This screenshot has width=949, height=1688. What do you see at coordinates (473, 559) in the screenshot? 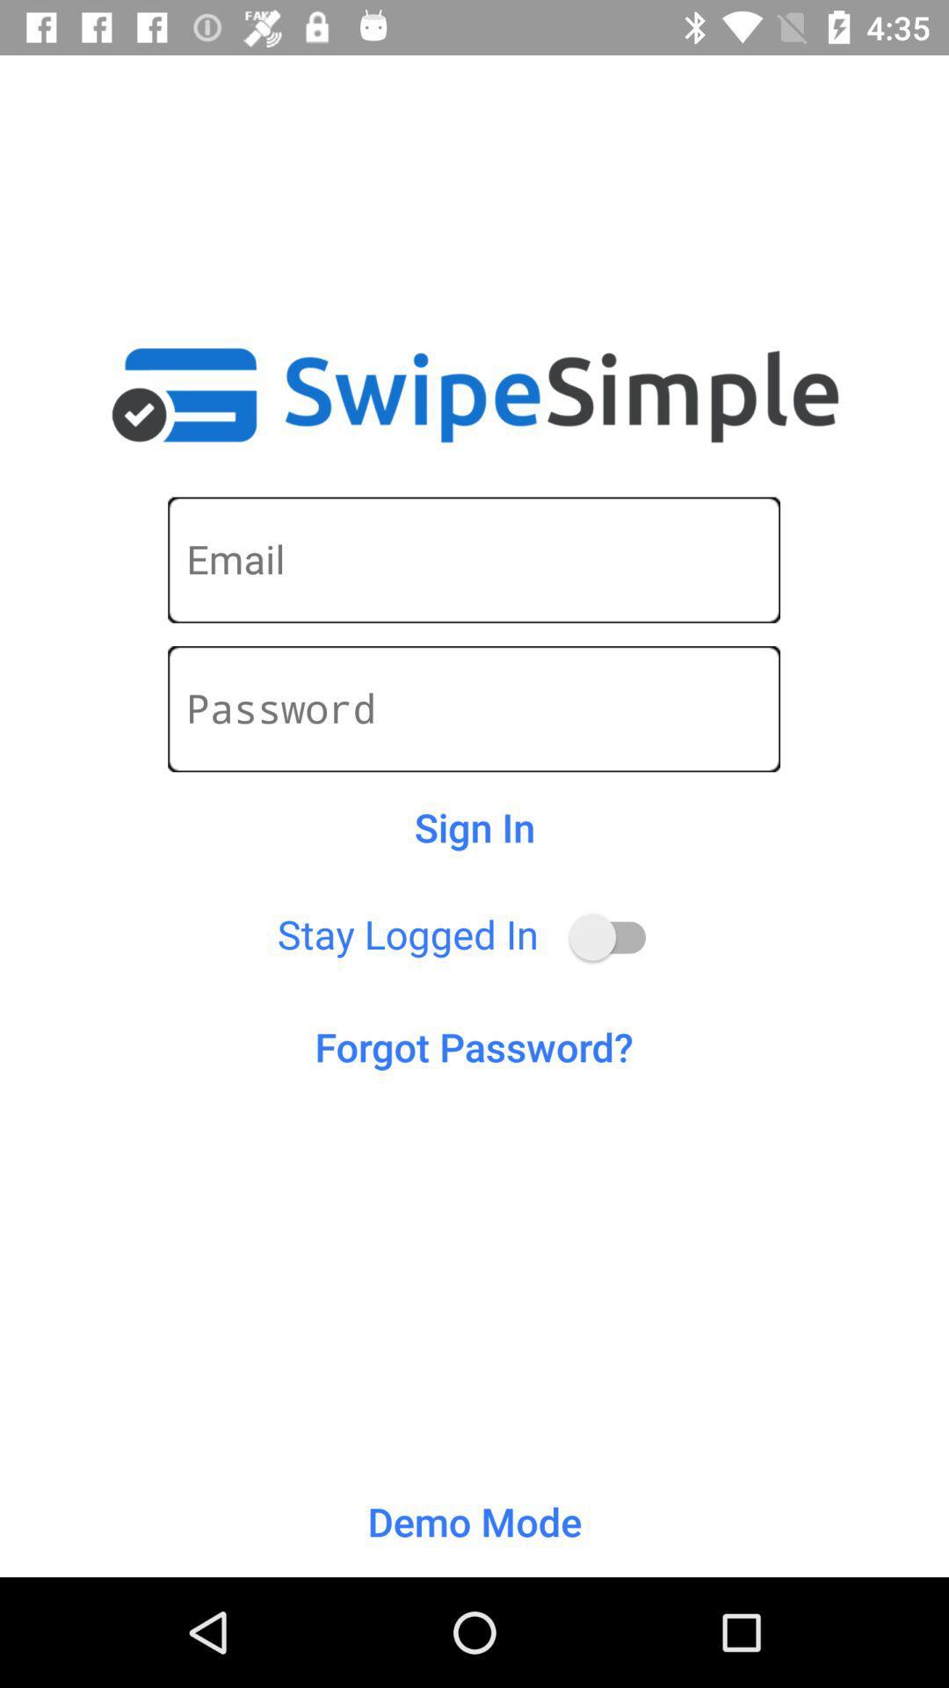
I see `your email to login` at bounding box center [473, 559].